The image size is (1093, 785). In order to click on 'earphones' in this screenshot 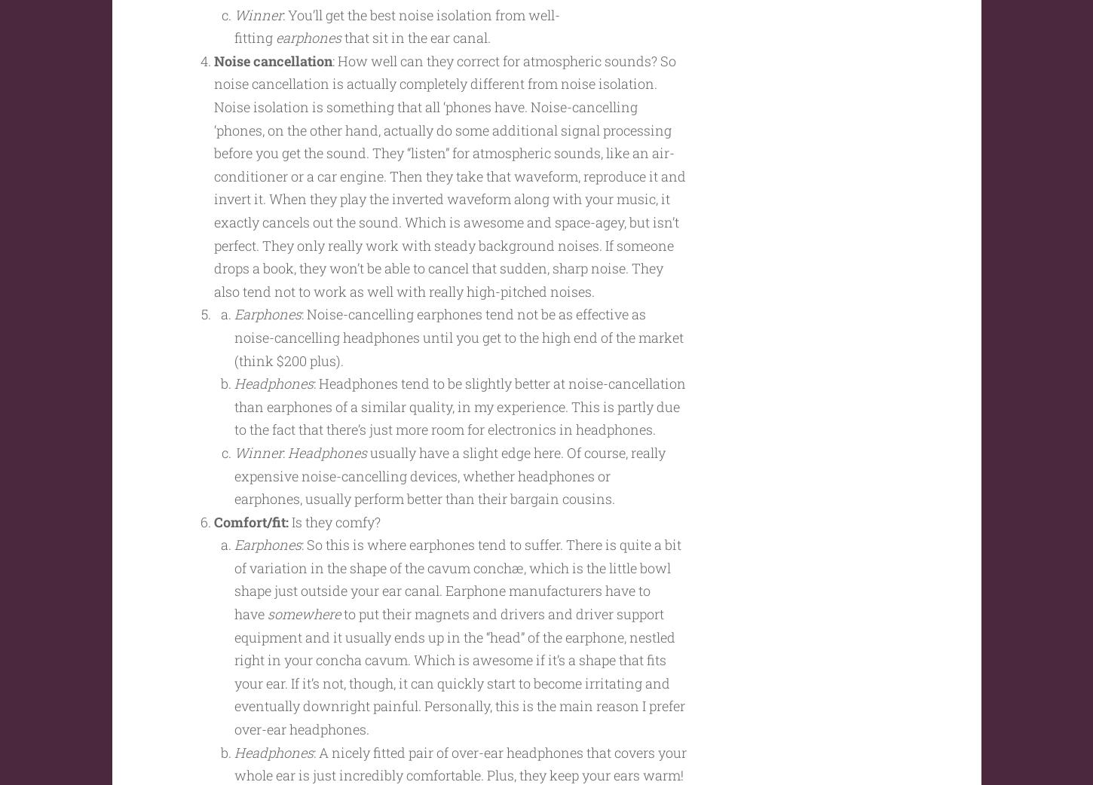, I will do `click(308, 66)`.